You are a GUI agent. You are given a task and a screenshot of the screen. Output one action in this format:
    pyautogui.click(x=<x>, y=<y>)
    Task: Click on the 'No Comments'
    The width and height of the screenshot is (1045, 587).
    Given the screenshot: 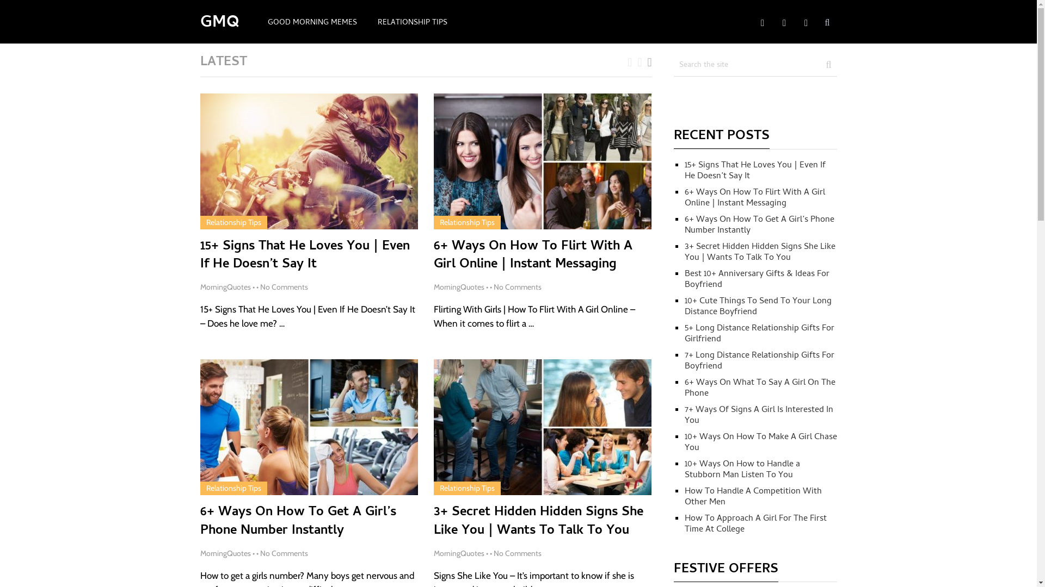 What is the action you would take?
    pyautogui.click(x=260, y=286)
    